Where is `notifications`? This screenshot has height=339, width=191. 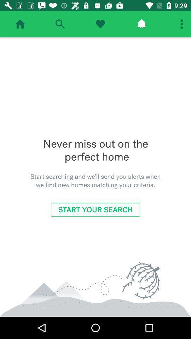 notifications is located at coordinates (141, 24).